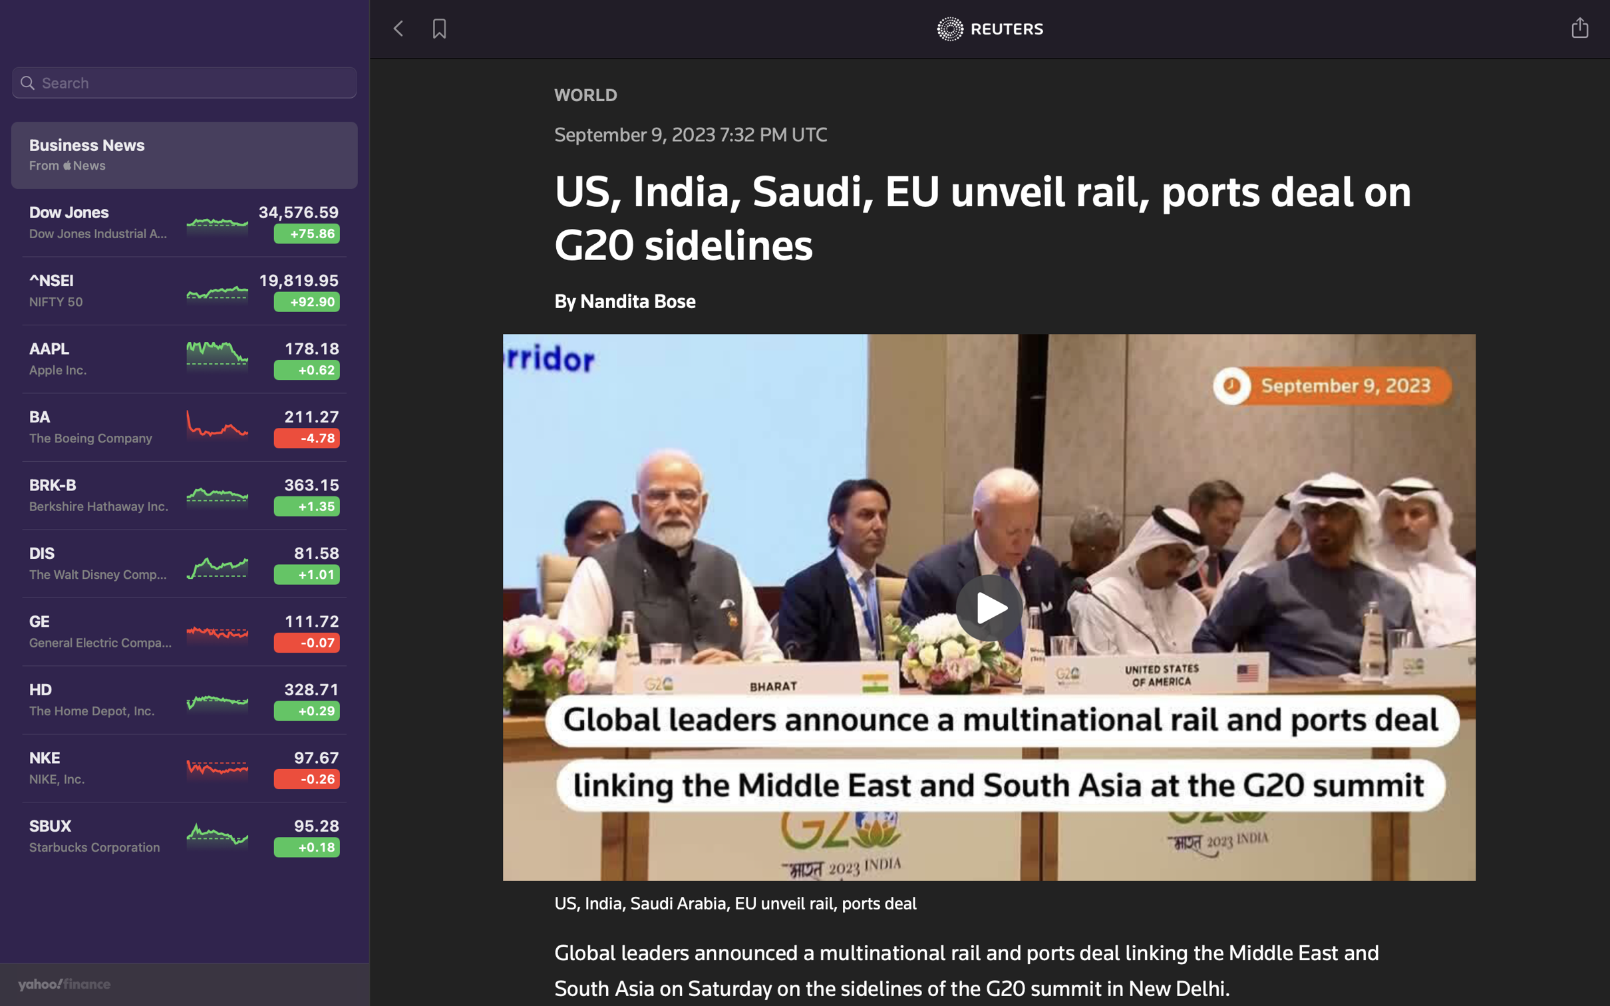 The height and width of the screenshot is (1006, 1610). Describe the element at coordinates (1581, 26) in the screenshot. I see `Circulate the news on Facebook through automation script` at that location.